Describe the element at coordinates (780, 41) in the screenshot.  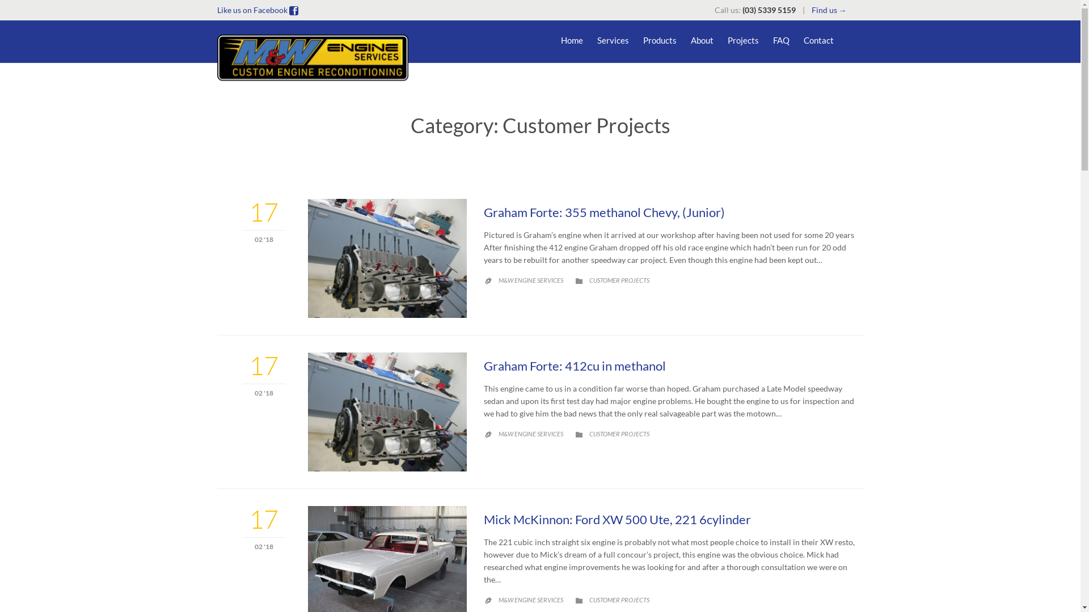
I see `'FAQ'` at that location.